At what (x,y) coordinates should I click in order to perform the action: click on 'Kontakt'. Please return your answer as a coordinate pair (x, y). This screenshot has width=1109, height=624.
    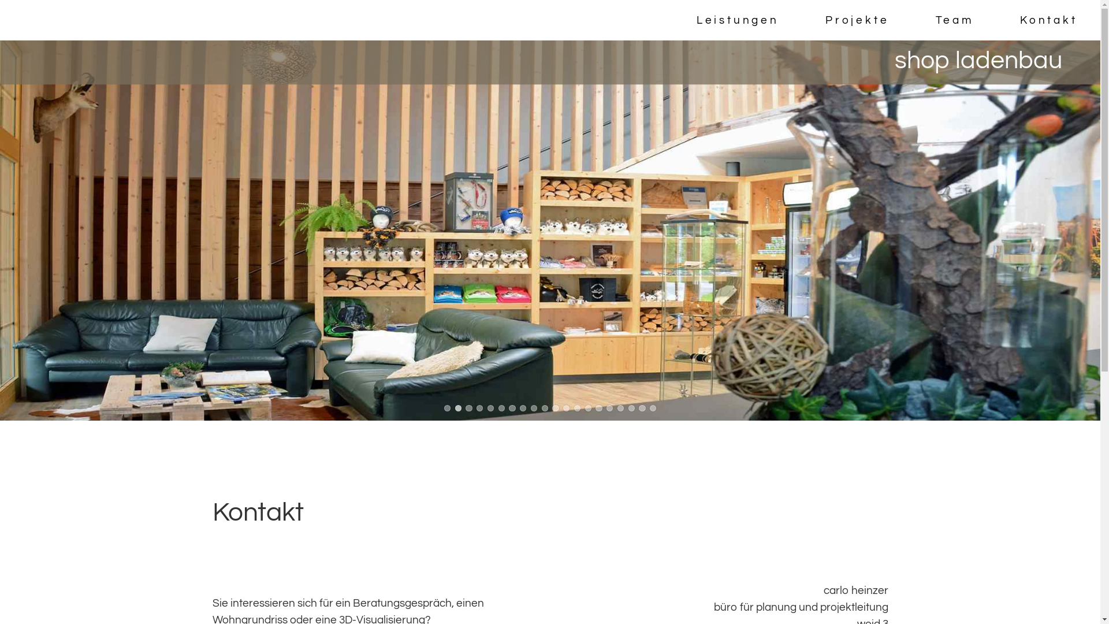
    Looking at the image, I should click on (1048, 20).